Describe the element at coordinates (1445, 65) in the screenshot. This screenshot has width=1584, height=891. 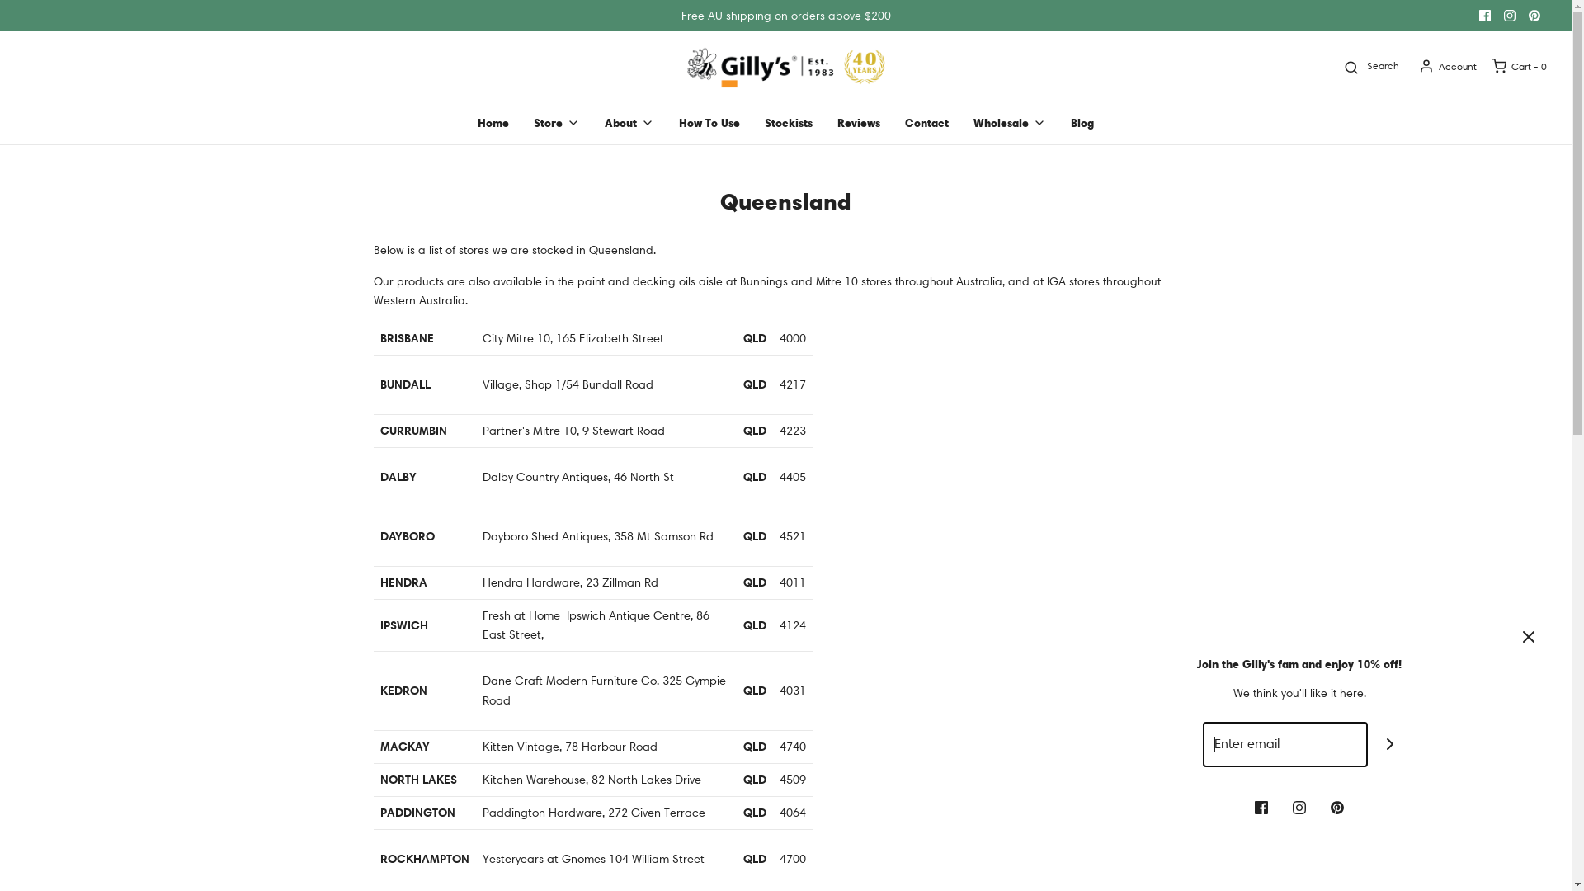
I see `'Account'` at that location.